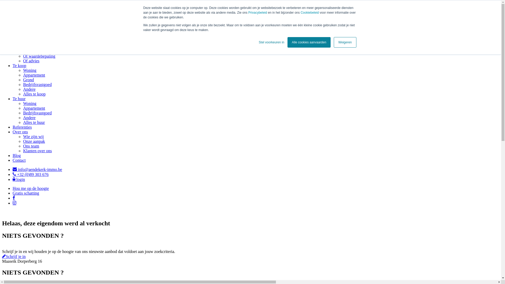  Describe the element at coordinates (22, 127) in the screenshot. I see `'Referenties'` at that location.